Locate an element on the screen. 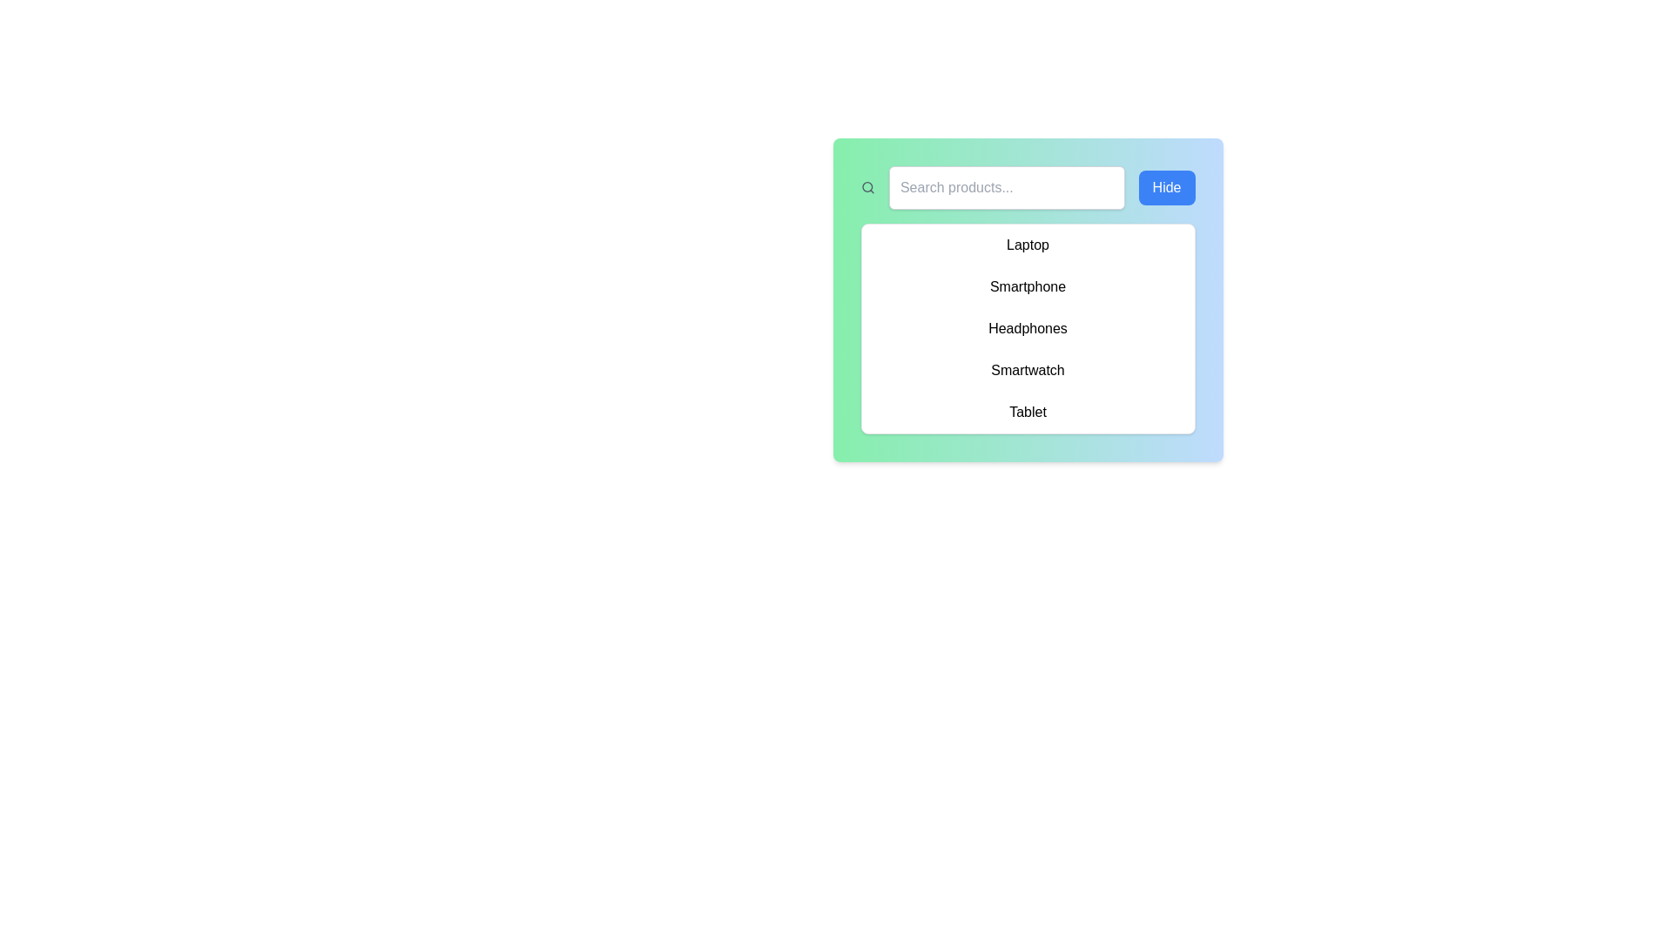 The height and width of the screenshot is (940, 1672). the vertical list of selectable options in the white rectangular panel is located at coordinates (1028, 329).